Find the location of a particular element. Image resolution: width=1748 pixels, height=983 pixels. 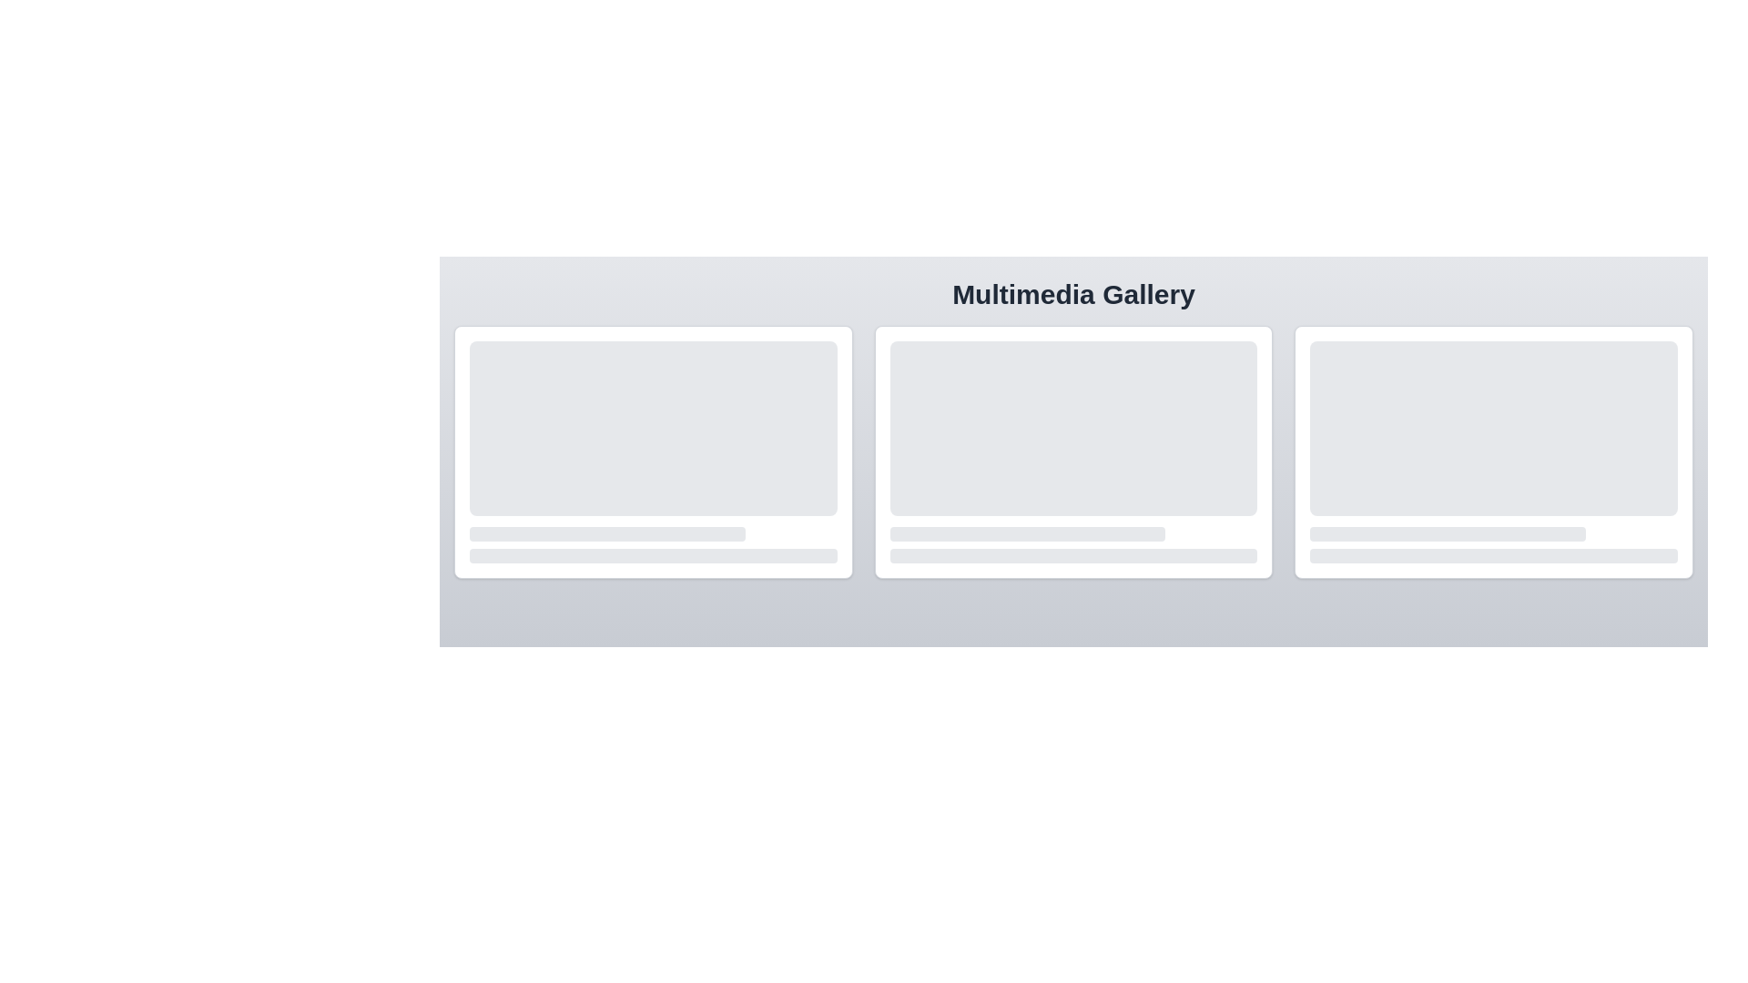

the thin rectangular gray Loading Placeholder located at the bottom of the card in the rightmost column of a three-column grid layout is located at coordinates (1494, 554).